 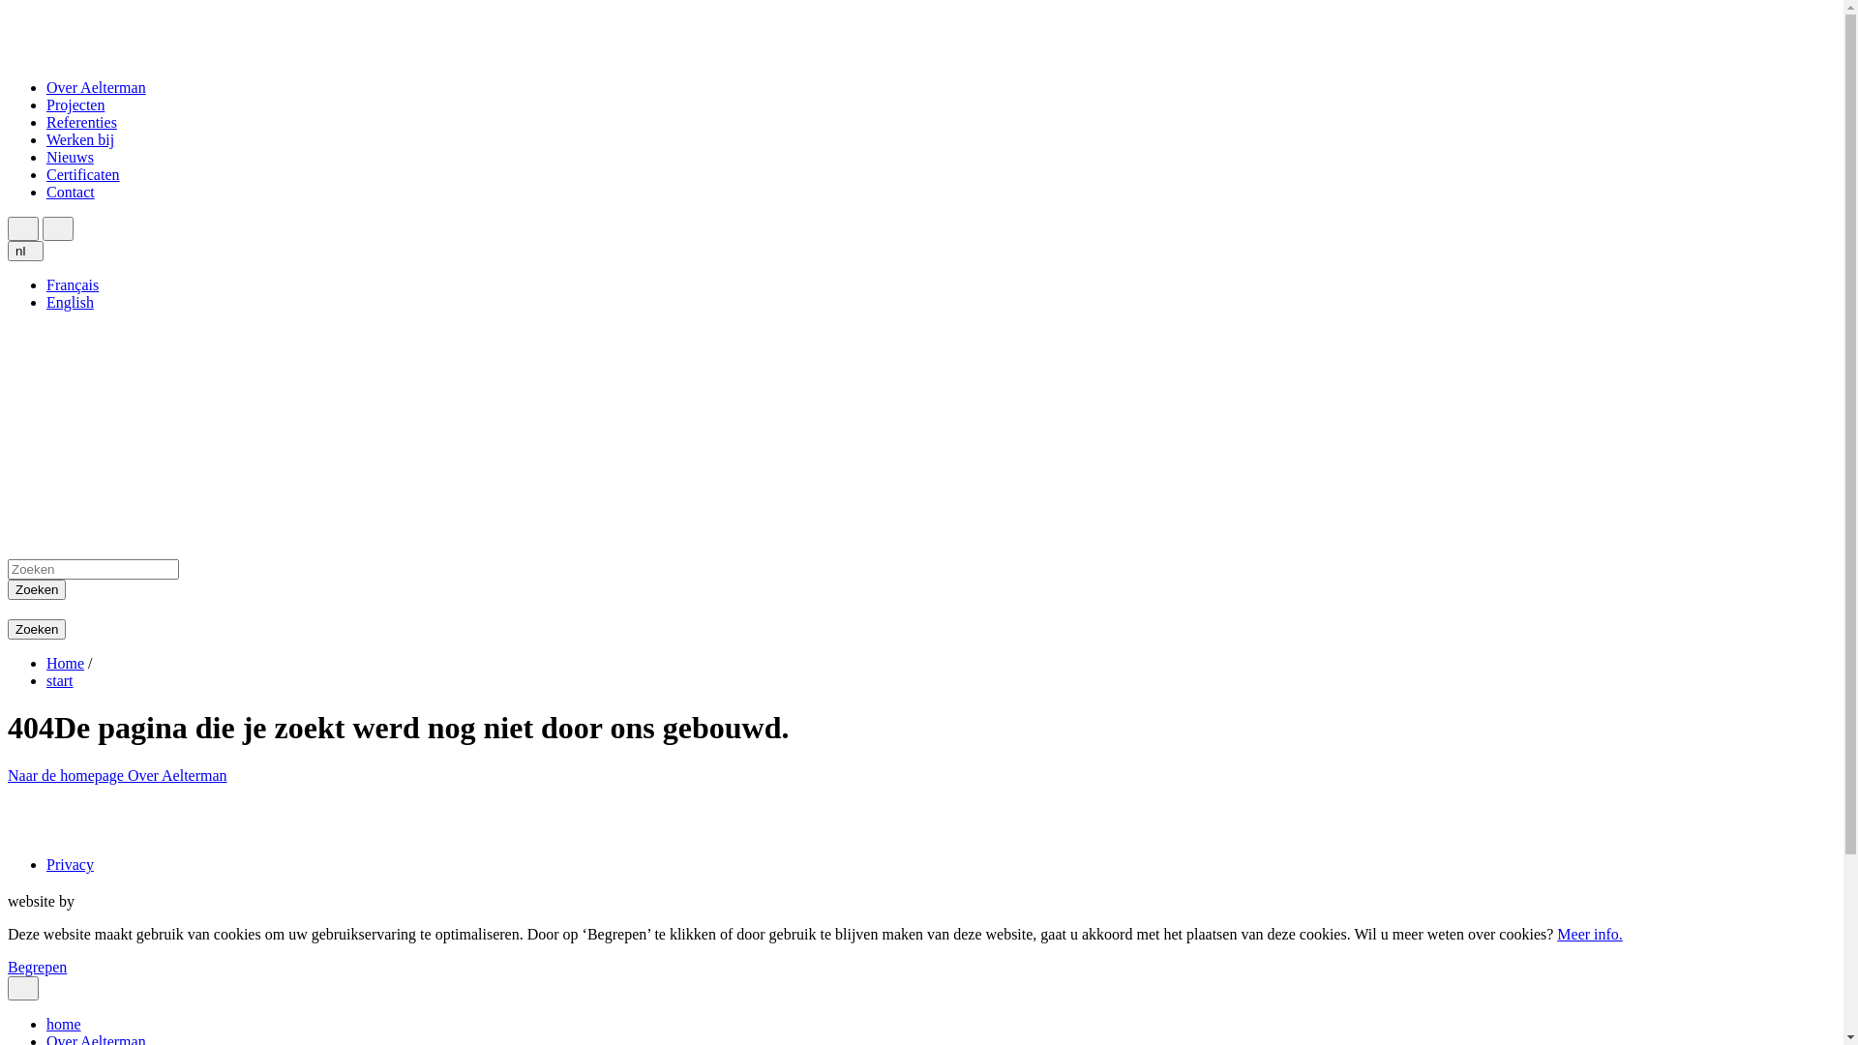 I want to click on 'Zoeken', so click(x=37, y=629).